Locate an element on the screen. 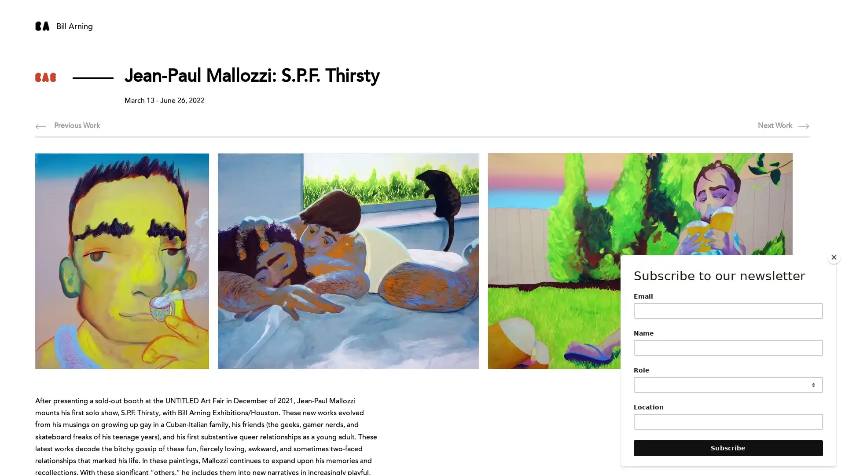 This screenshot has height=475, width=845. Mallozzi,JeanPaul(SundayMorning).jpg is located at coordinates (348, 260).